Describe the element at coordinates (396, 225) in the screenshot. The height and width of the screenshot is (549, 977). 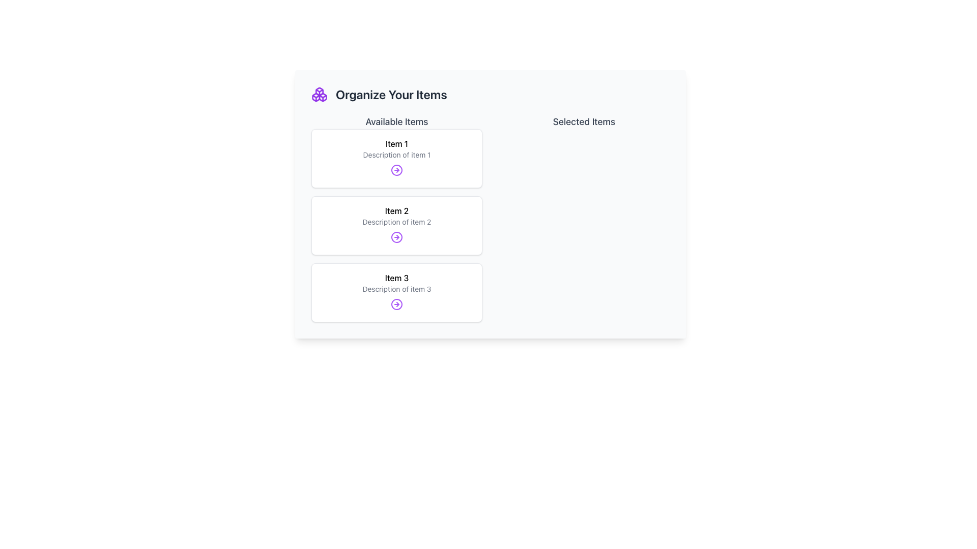
I see `the interactive card titled 'Item 2', which contains a title in bold and a circular arrow icon for navigation` at that location.